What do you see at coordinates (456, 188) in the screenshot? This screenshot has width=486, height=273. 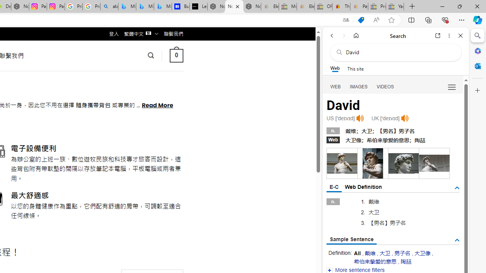 I see `'AutomationID: tgdef'` at bounding box center [456, 188].